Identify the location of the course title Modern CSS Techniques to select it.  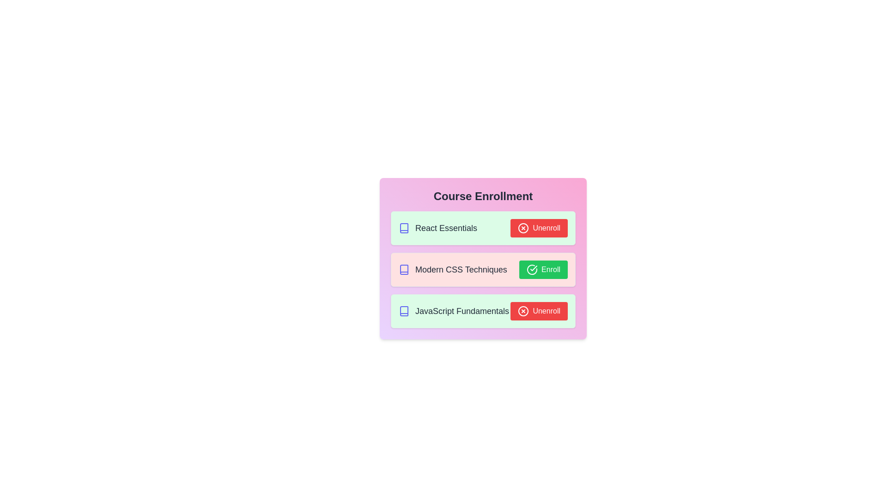
(452, 270).